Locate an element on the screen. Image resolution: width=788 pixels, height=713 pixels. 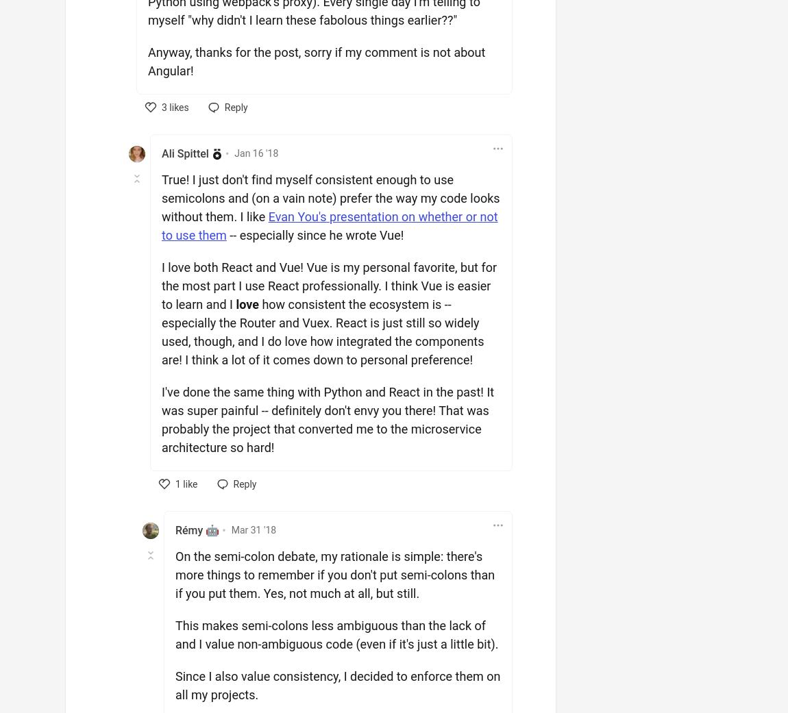
'Rémy 🤖' is located at coordinates (196, 529).